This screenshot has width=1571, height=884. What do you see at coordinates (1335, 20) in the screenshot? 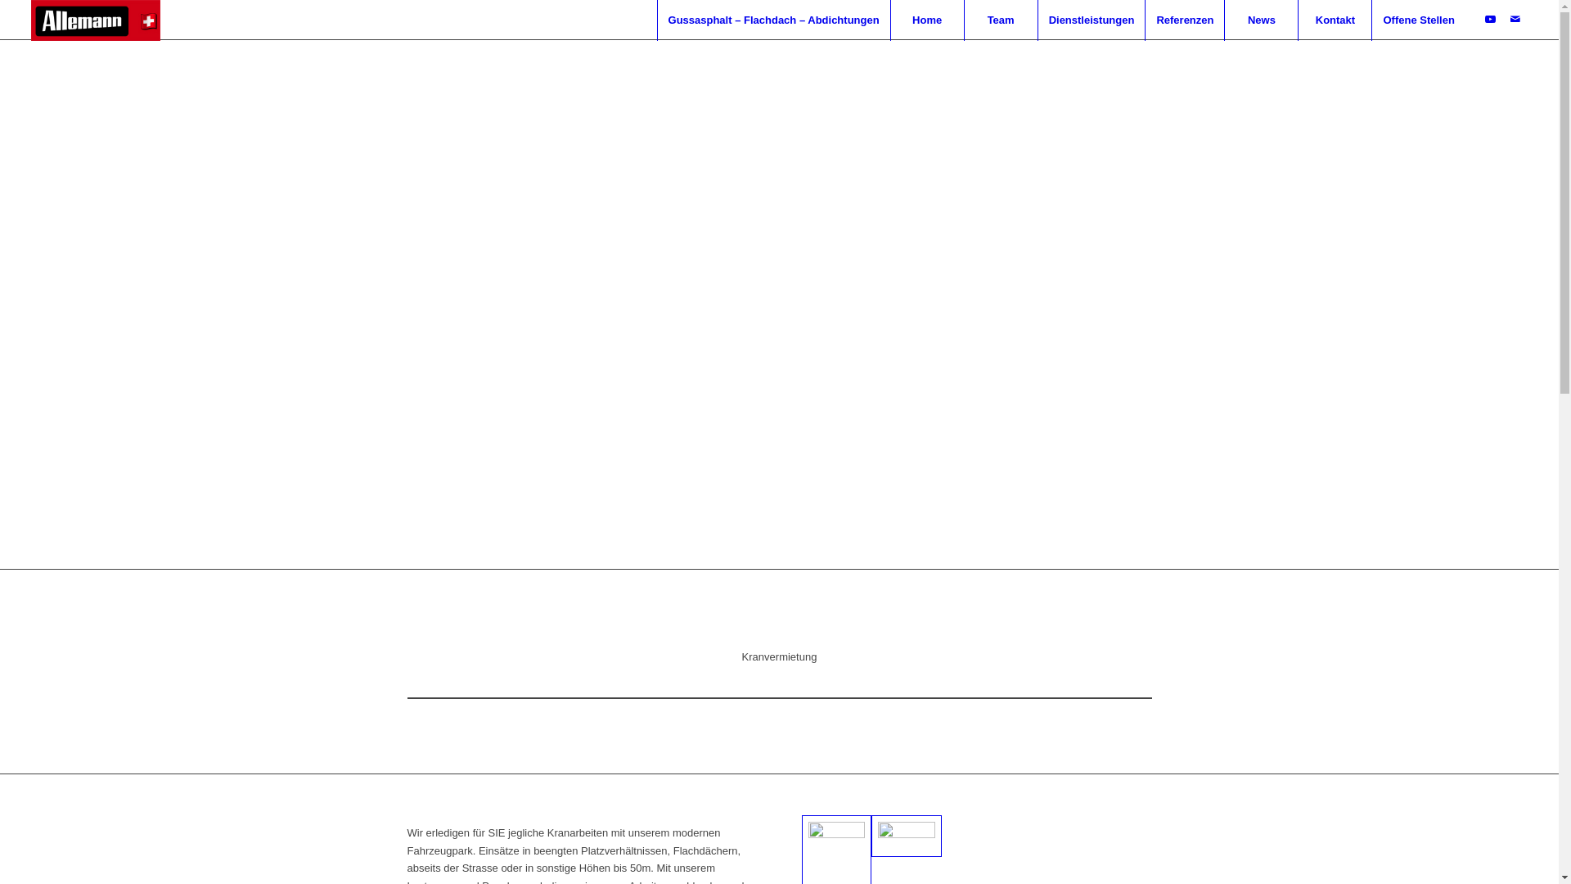
I see `'Kontakt'` at bounding box center [1335, 20].